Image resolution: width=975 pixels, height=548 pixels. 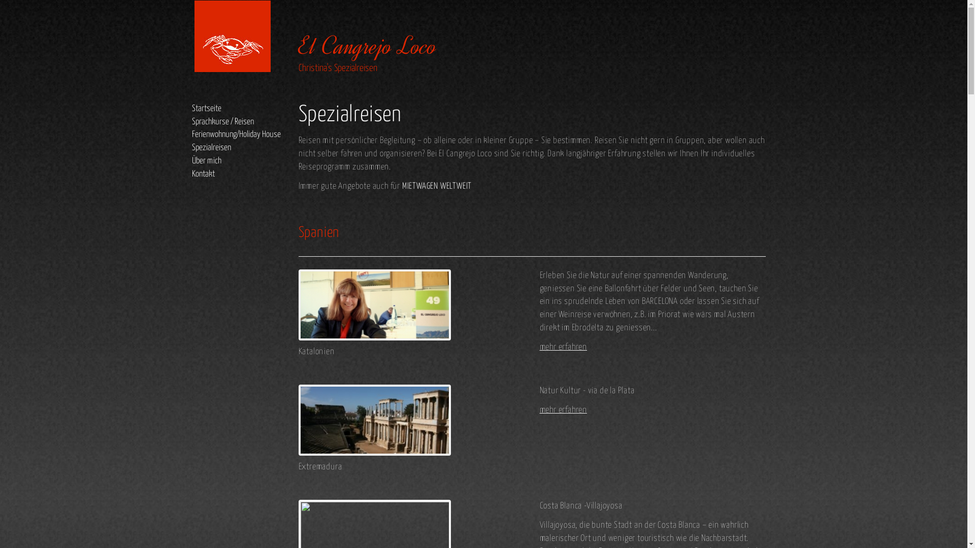 I want to click on 'Ferienwohnung/Holiday House', so click(x=236, y=134).